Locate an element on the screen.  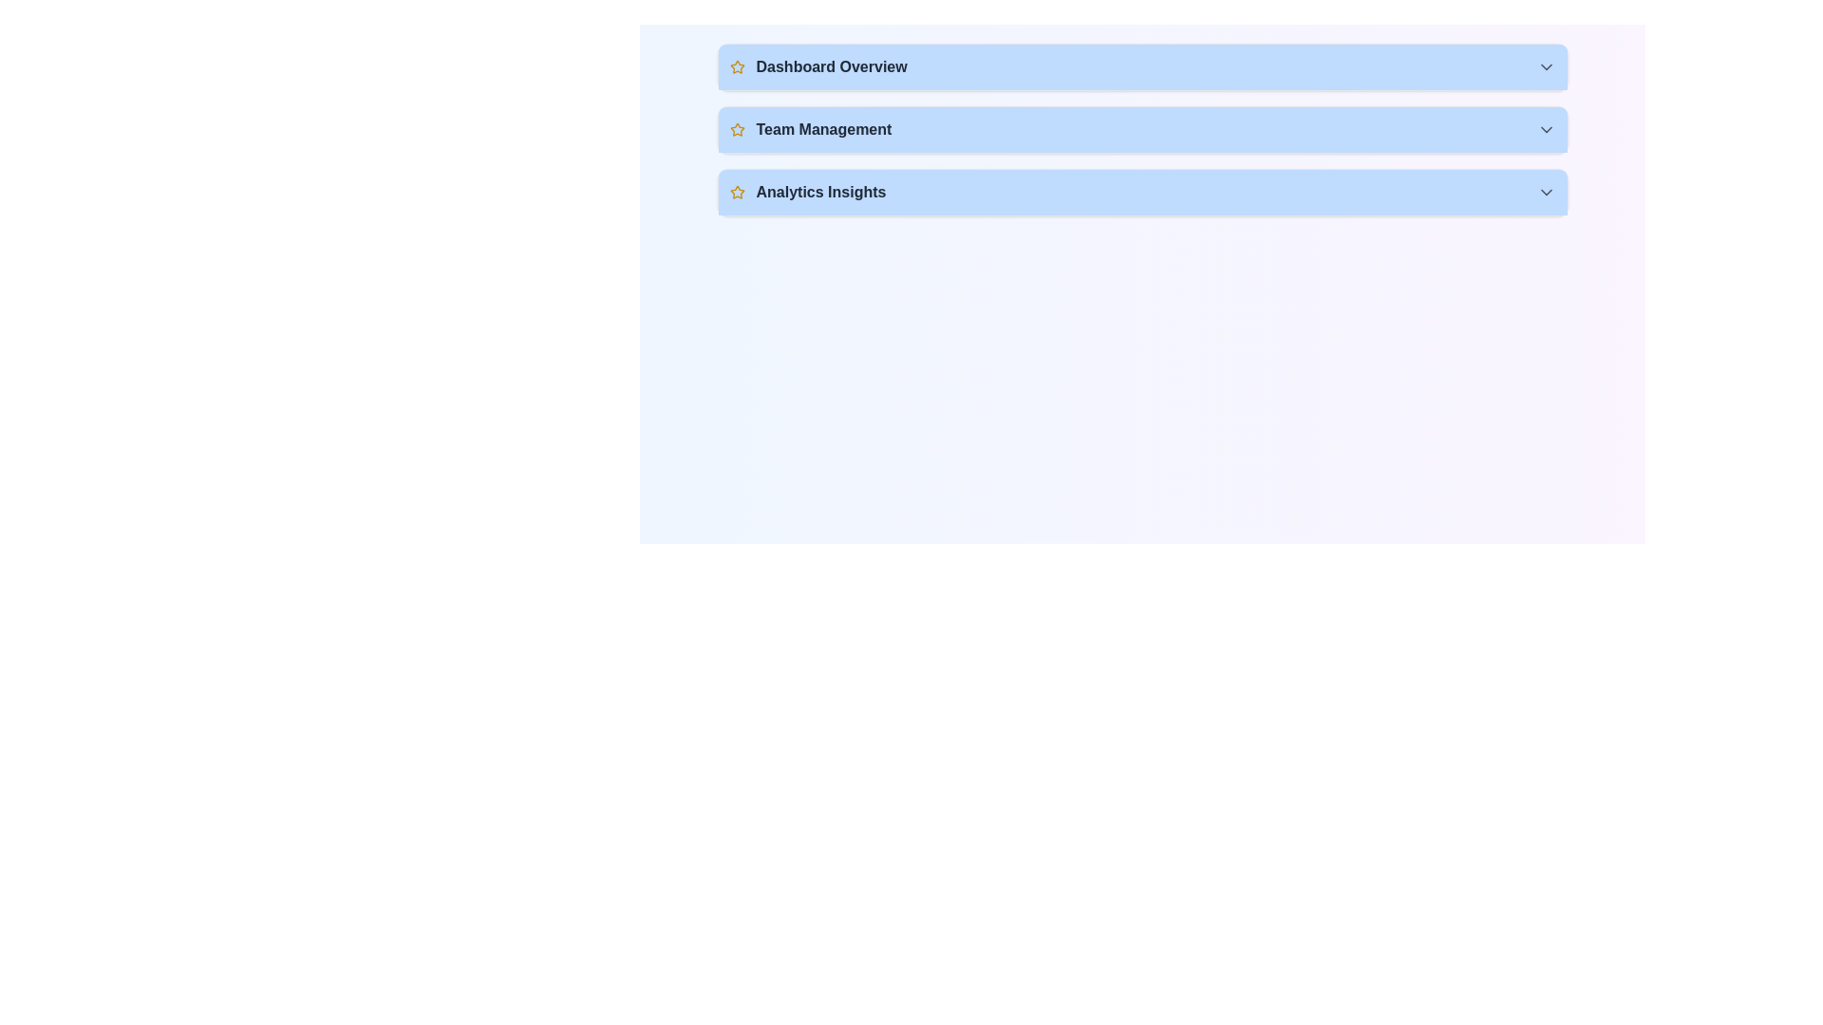
the favorite icon located before the 'Team Management' text to mark it as favorite or rate is located at coordinates (736, 129).